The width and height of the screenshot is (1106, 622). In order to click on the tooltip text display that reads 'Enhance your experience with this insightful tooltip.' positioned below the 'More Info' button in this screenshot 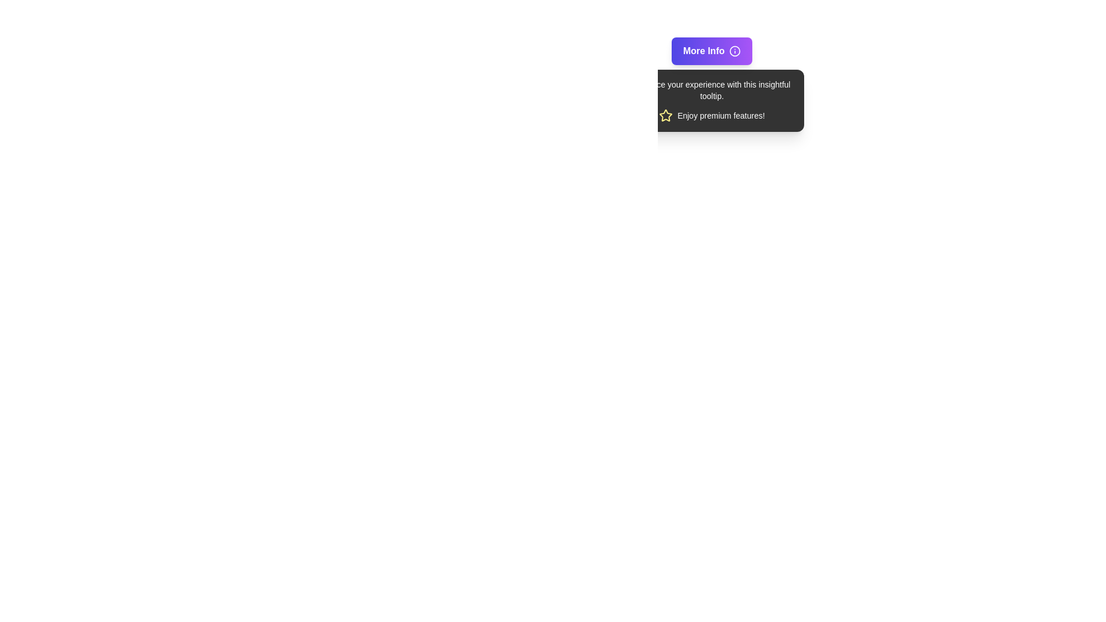, I will do `click(711, 90)`.